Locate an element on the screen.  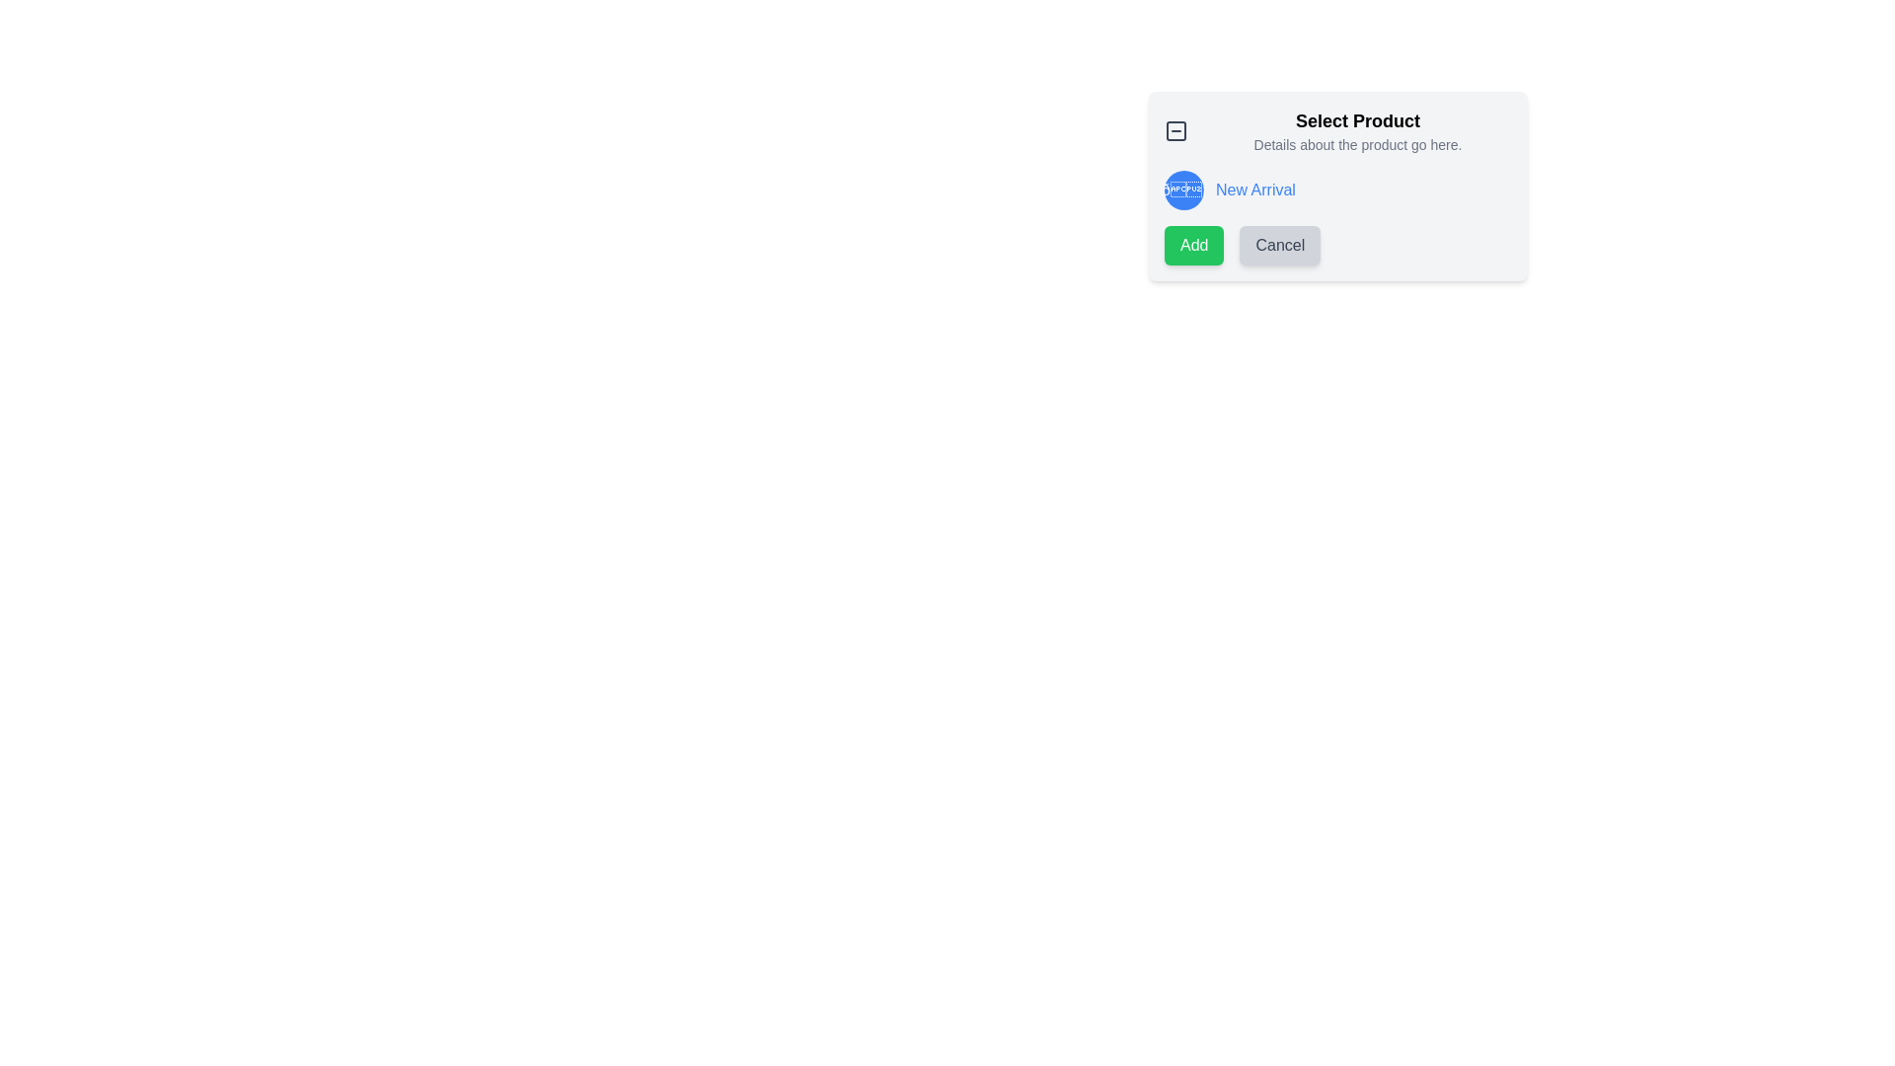
the text label indicating a category or feature, which is positioned to the right of a circular blue icon in the 'Select Product' box is located at coordinates (1254, 190).